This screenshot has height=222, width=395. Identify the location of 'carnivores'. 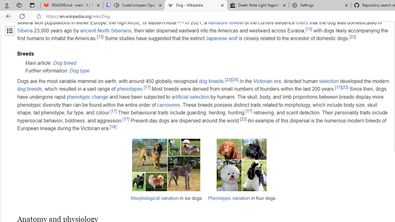
(168, 105).